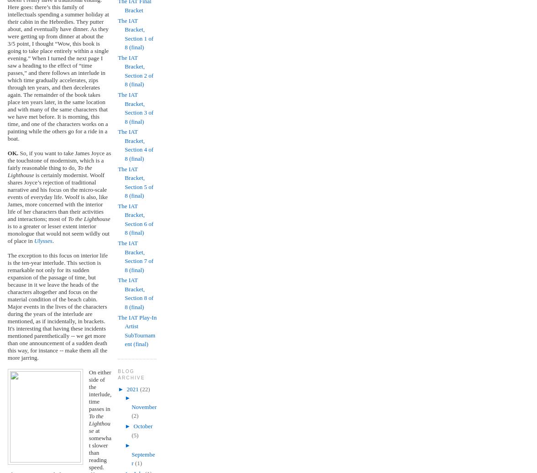 This screenshot has width=537, height=473. Describe the element at coordinates (135, 70) in the screenshot. I see `'The IAT Bracket, Section 2 of 8 (final)'` at that location.